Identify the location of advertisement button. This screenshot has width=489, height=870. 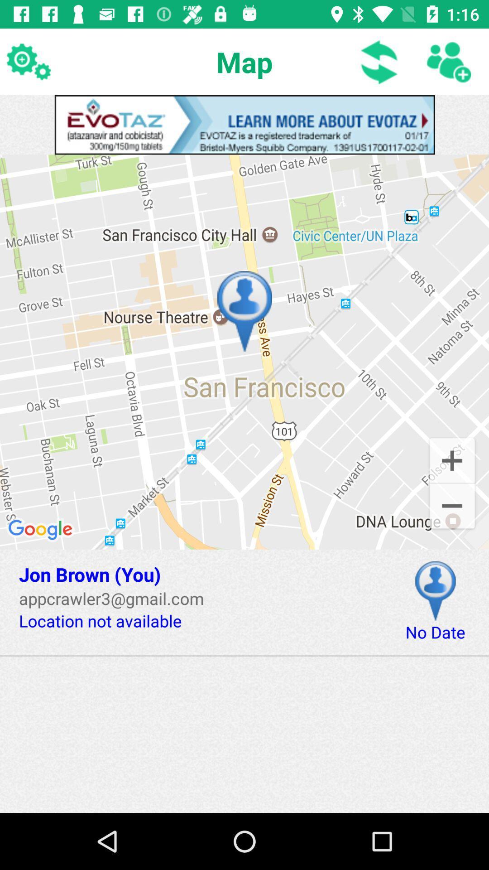
(244, 124).